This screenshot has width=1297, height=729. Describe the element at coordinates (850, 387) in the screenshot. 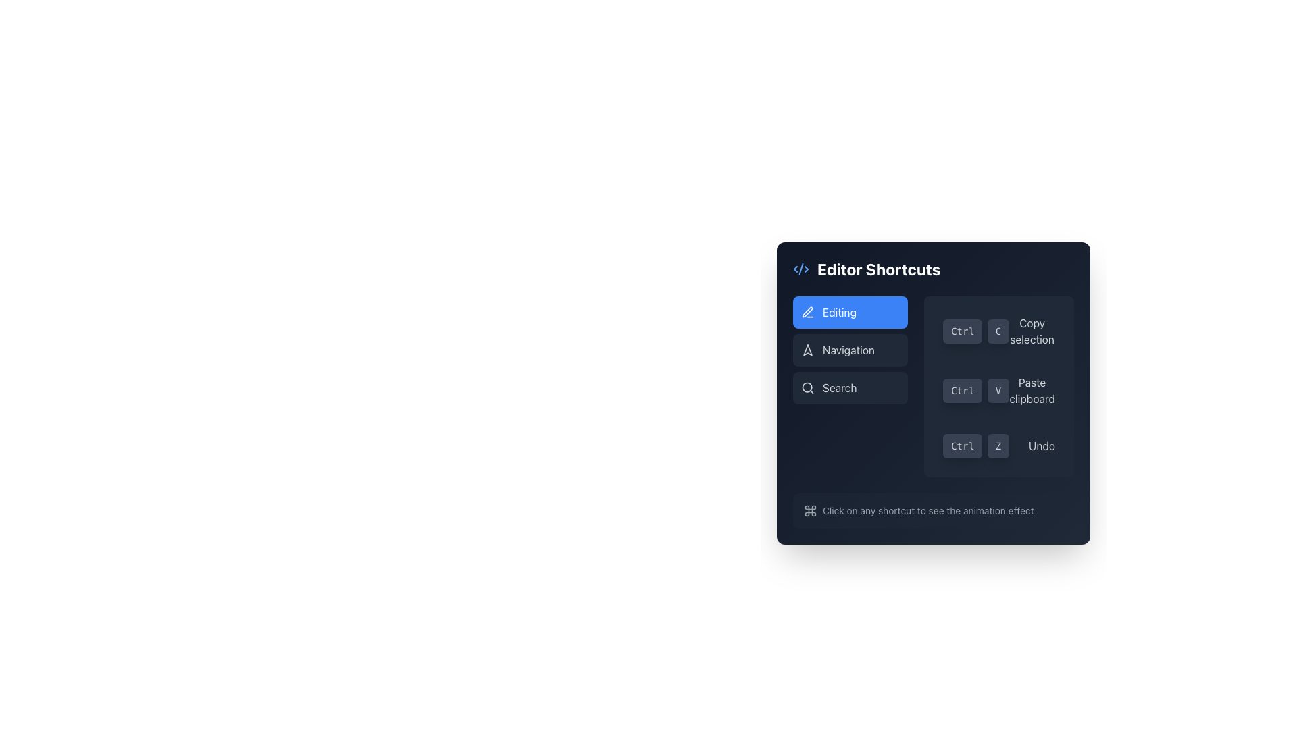

I see `the search button located in the sidebar, positioned below the 'Navigation' button, to initiate the search functionality` at that location.